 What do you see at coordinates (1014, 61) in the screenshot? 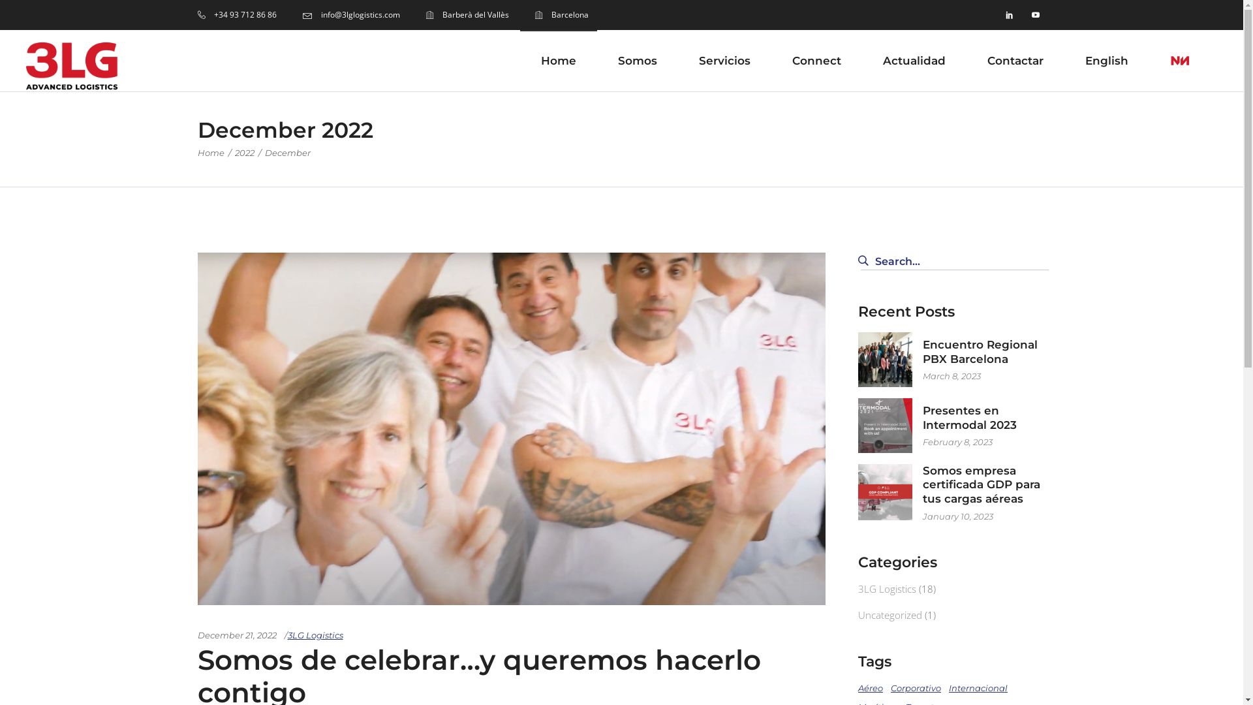
I see `'Contactar'` at bounding box center [1014, 61].